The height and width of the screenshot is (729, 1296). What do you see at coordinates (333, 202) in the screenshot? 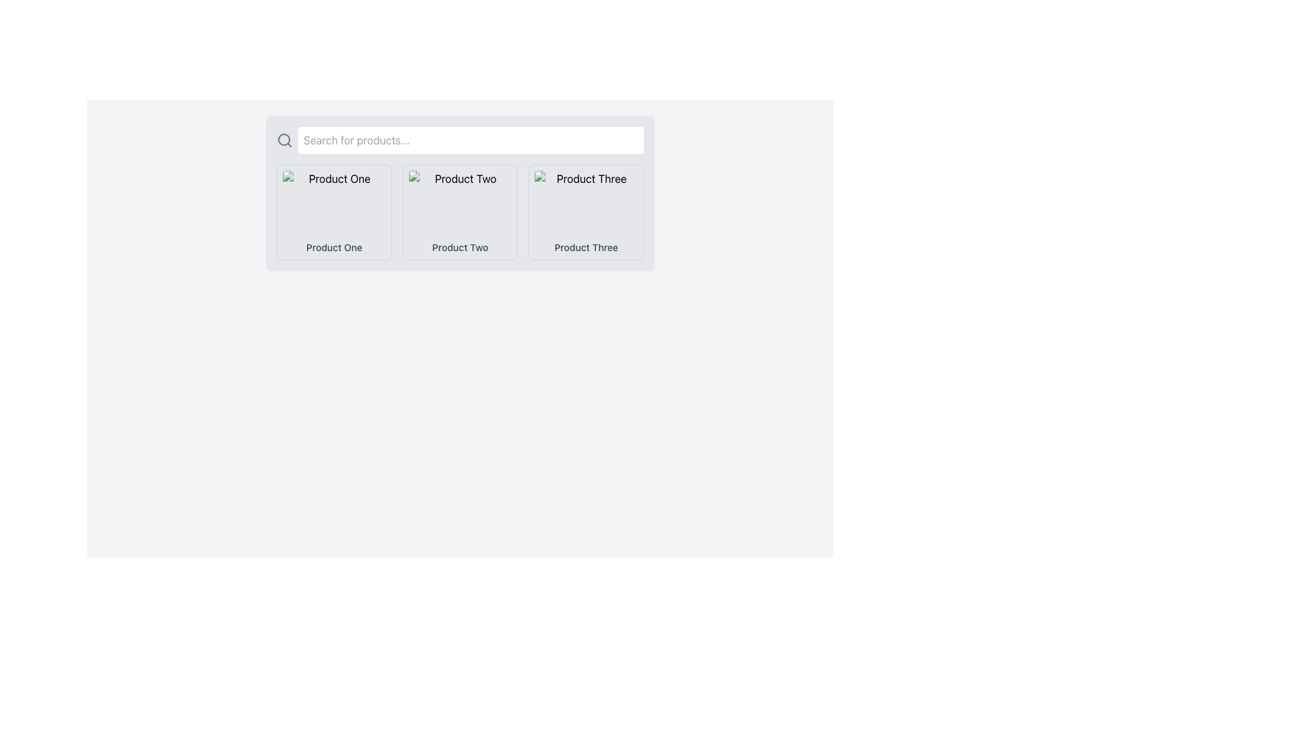
I see `the image box displaying 'Product One'` at bounding box center [333, 202].